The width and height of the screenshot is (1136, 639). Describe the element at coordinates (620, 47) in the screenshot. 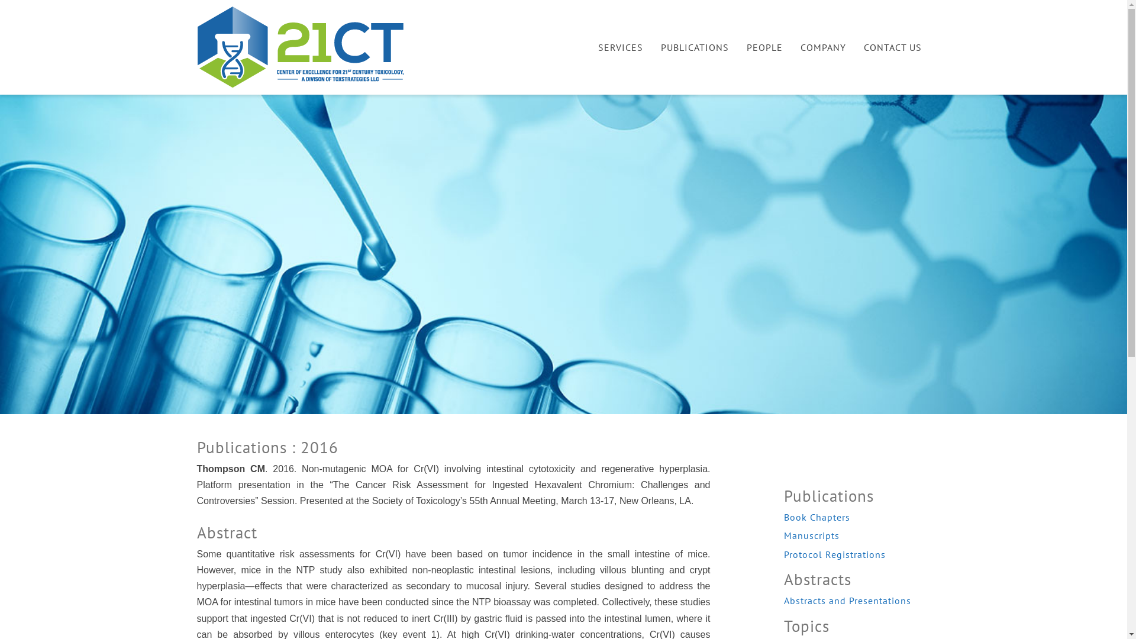

I see `'SERVICES'` at that location.